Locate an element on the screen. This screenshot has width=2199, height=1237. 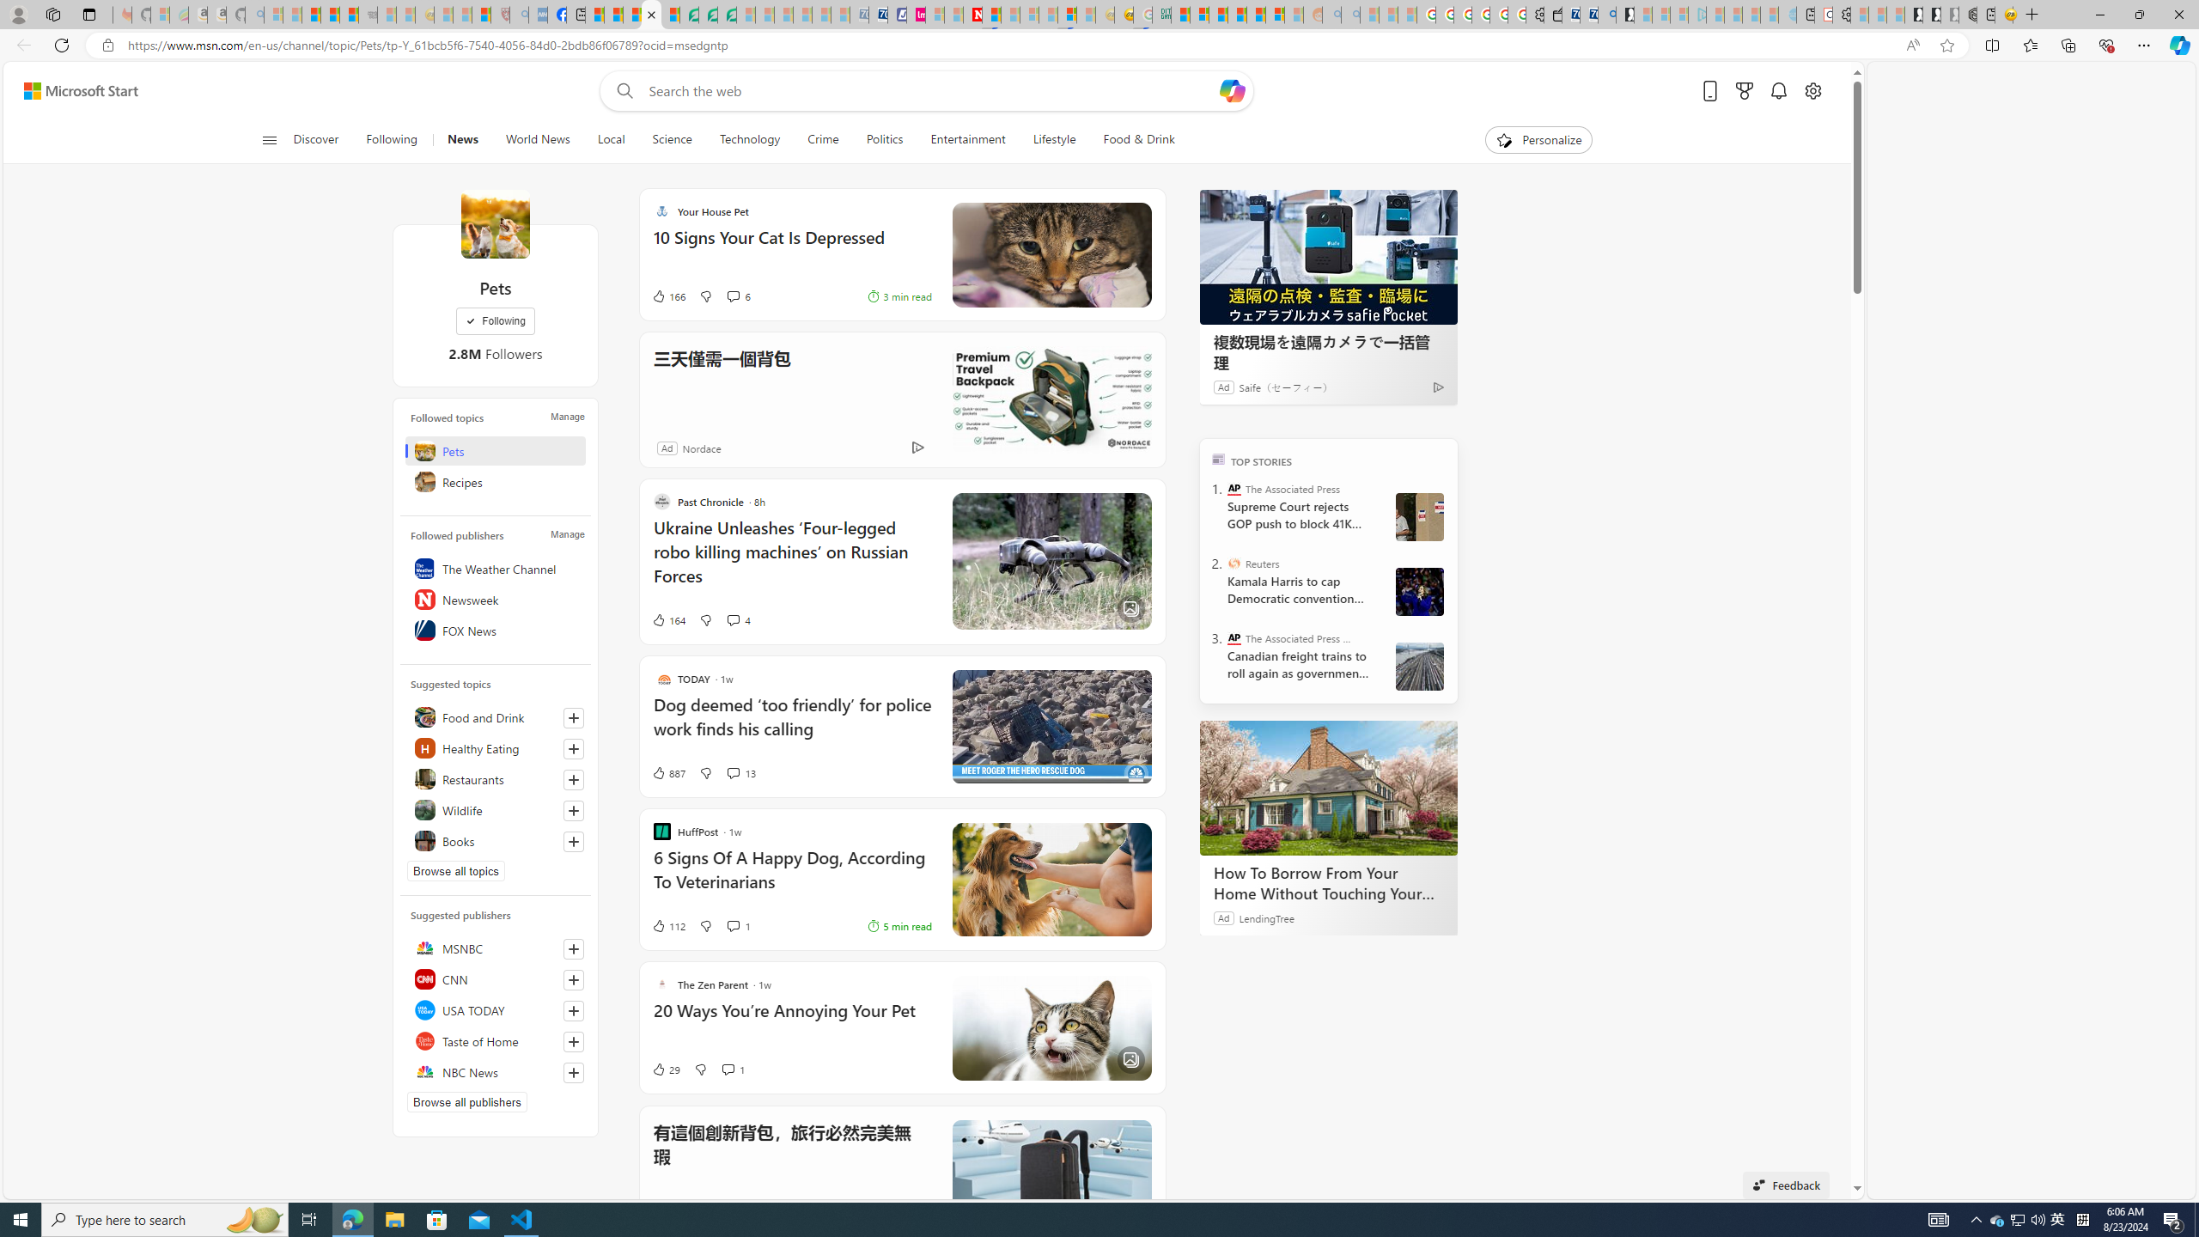
'Follow this topic' is located at coordinates (574, 840).